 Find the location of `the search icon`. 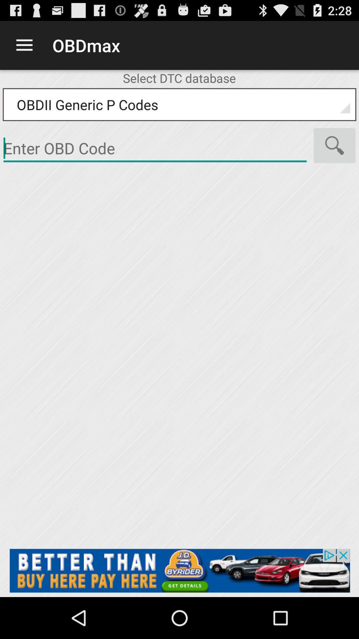

the search icon is located at coordinates (334, 155).